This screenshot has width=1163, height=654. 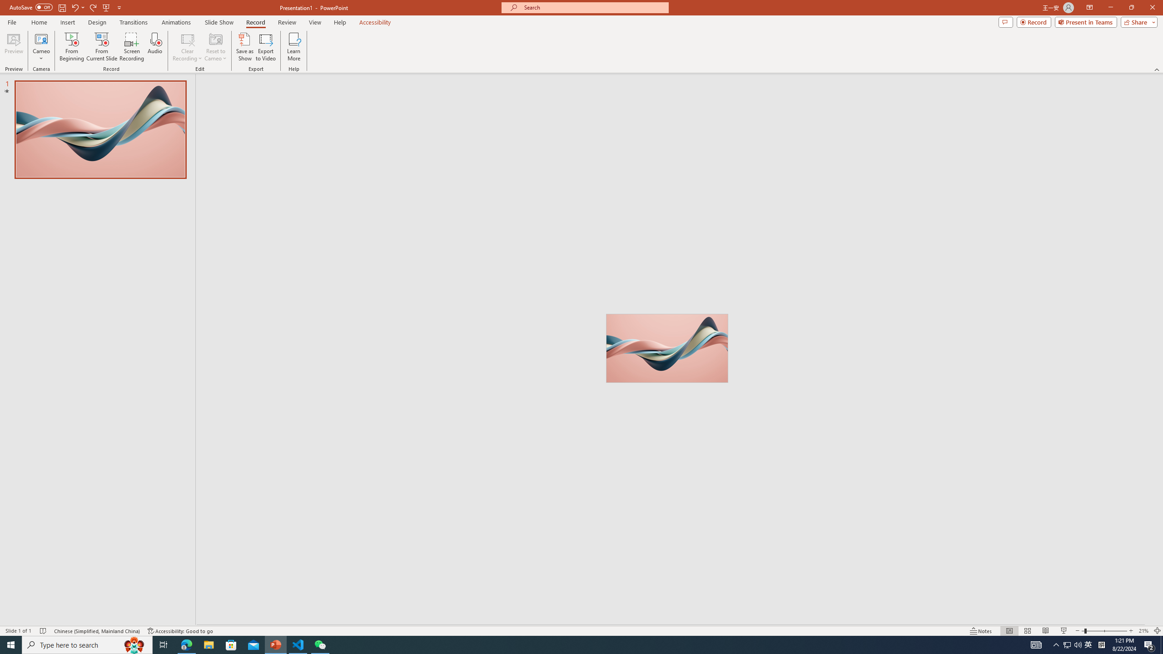 What do you see at coordinates (71, 47) in the screenshot?
I see `'From Beginning...'` at bounding box center [71, 47].